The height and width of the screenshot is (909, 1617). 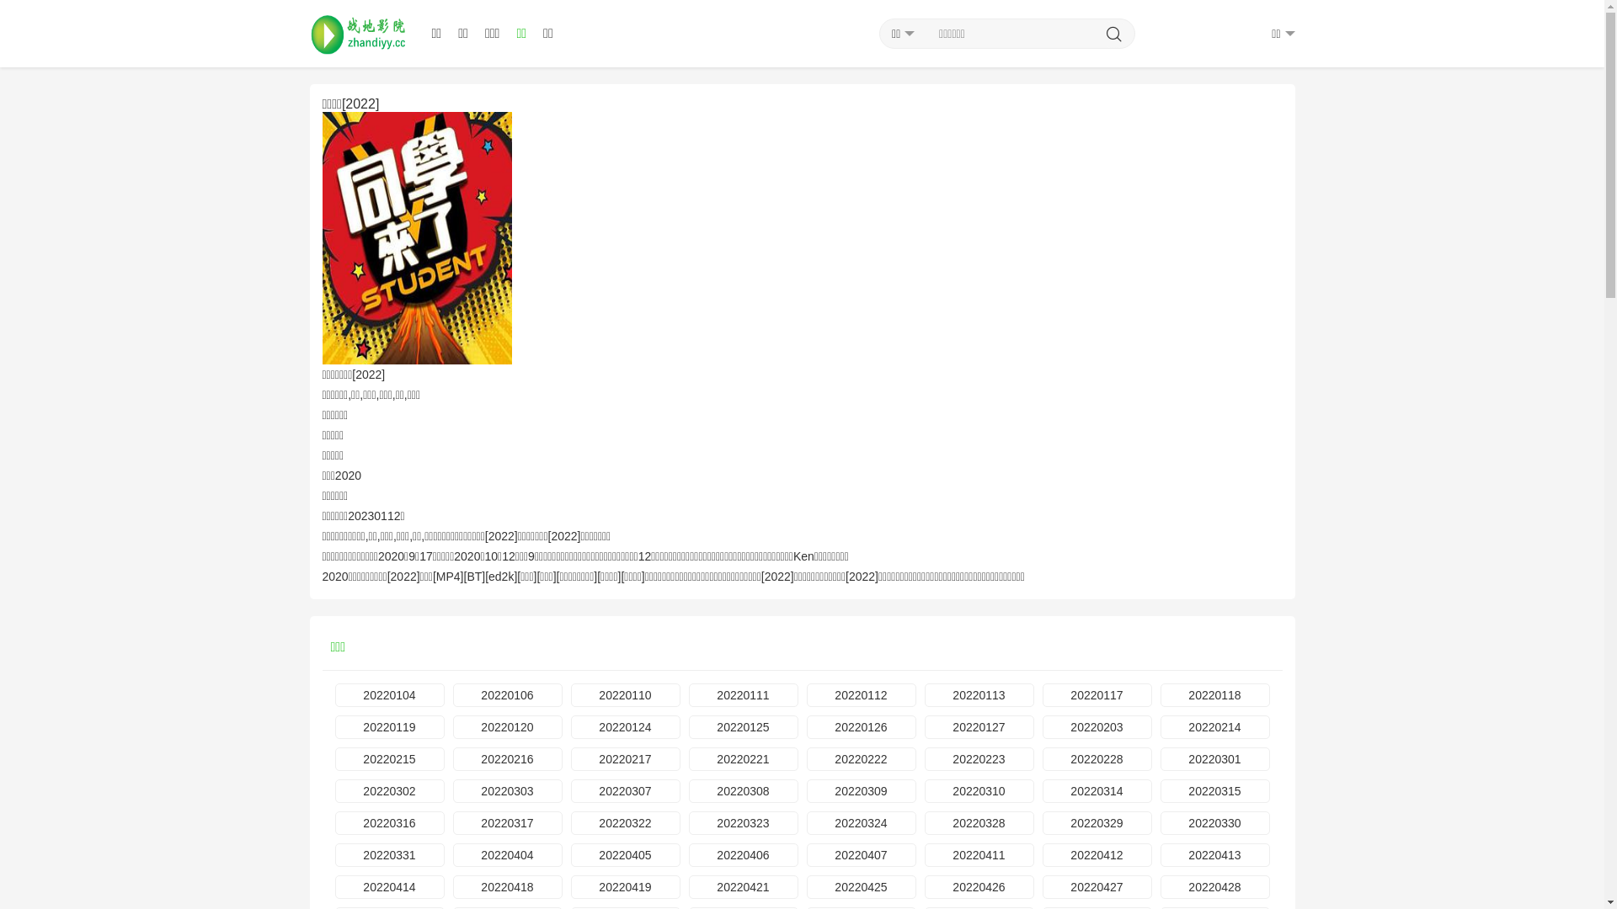 What do you see at coordinates (507, 885) in the screenshot?
I see `'20220418'` at bounding box center [507, 885].